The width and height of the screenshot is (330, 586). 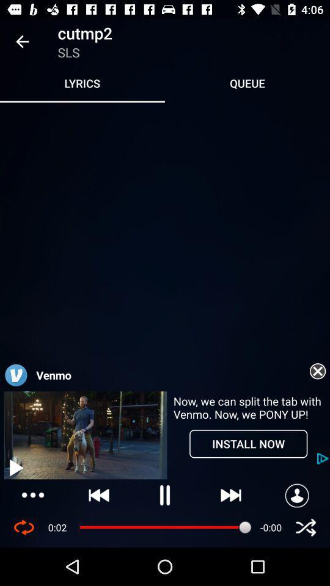 I want to click on the sliders icon, so click(x=33, y=495).